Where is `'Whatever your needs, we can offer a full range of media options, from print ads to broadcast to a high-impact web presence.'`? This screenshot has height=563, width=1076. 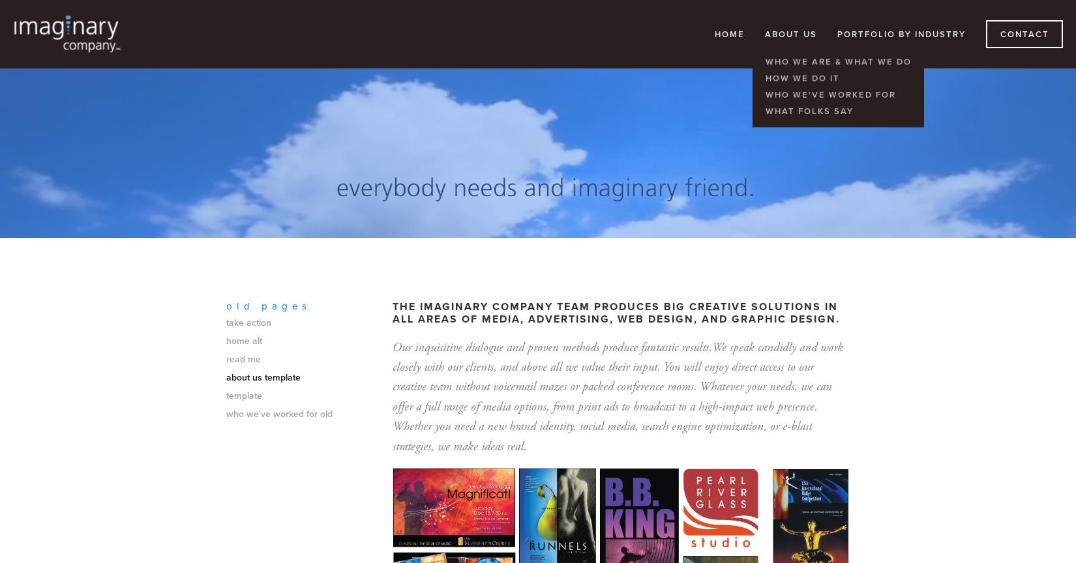 'Whatever your needs, we can offer a full range of media options, from print ads to broadcast to a high-impact web presence.' is located at coordinates (612, 396).